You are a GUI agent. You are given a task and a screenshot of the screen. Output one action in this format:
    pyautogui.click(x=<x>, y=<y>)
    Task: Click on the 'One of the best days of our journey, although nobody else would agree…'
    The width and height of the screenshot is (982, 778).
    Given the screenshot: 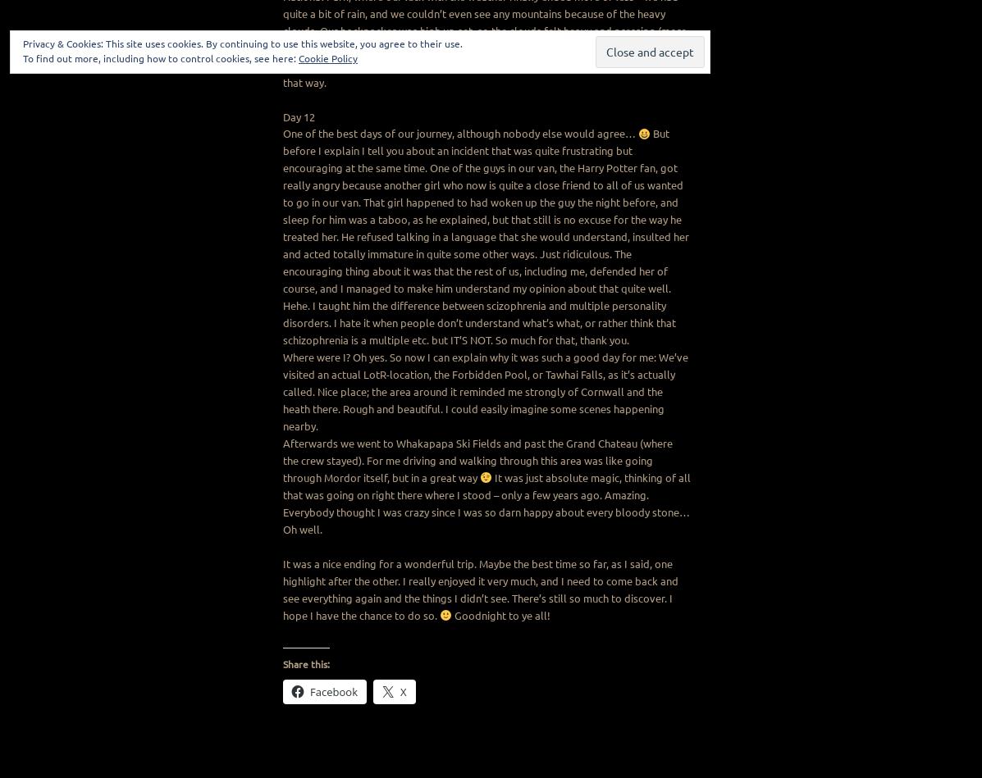 What is the action you would take?
    pyautogui.click(x=460, y=132)
    